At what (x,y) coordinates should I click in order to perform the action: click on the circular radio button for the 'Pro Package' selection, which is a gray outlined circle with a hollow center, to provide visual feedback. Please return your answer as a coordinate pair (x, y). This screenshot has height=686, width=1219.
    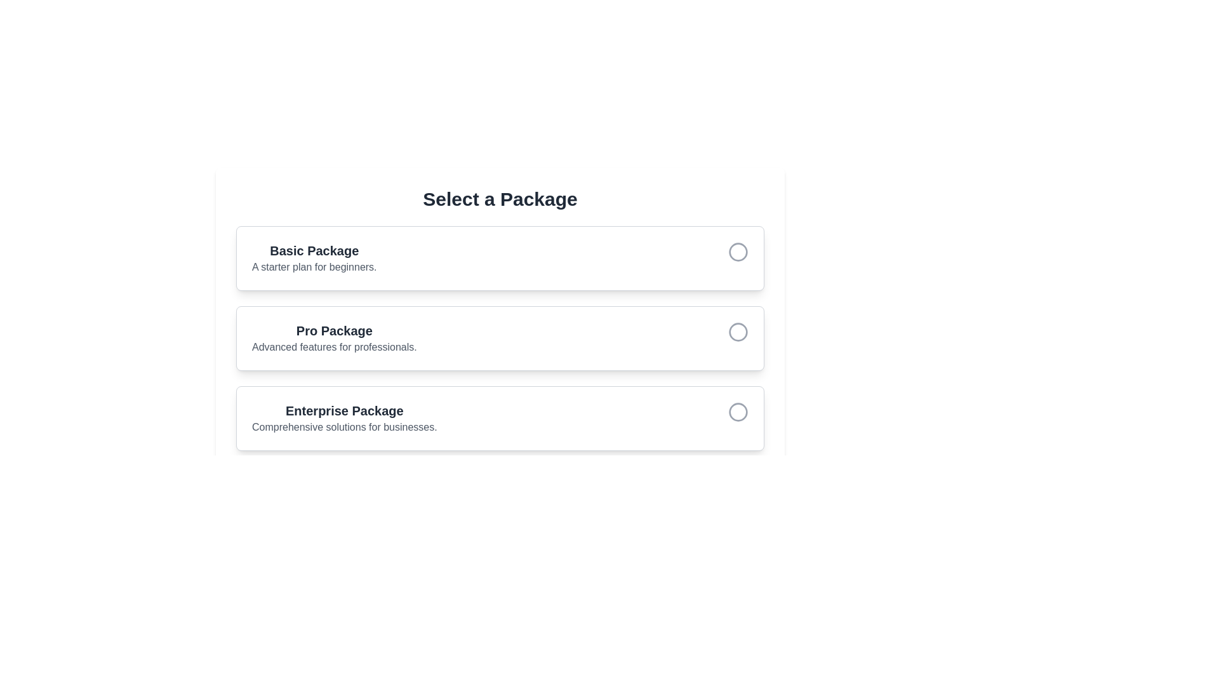
    Looking at the image, I should click on (738, 330).